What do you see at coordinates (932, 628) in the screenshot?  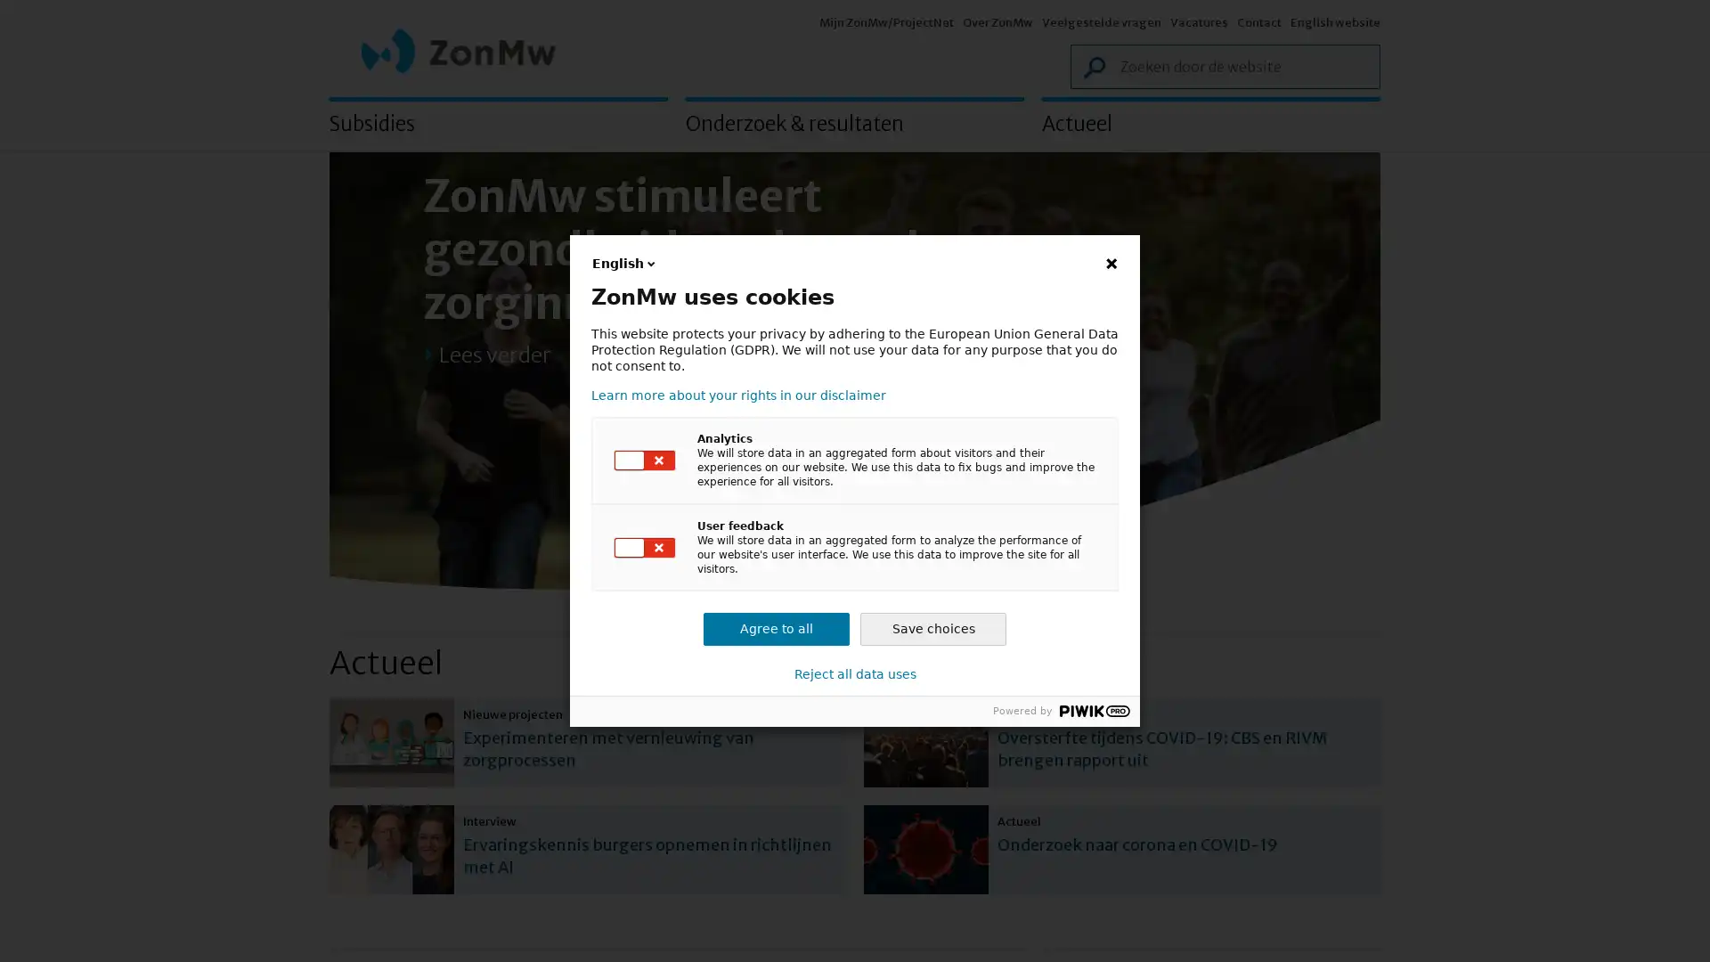 I see `Save choices` at bounding box center [932, 628].